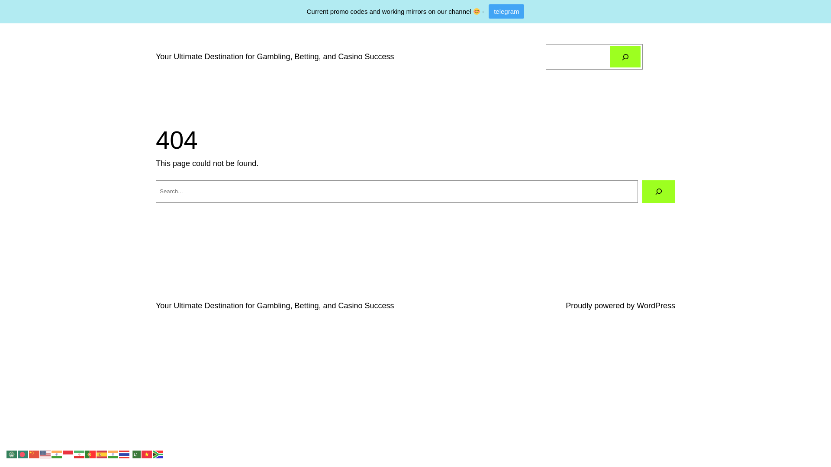 Image resolution: width=831 pixels, height=467 pixels. Describe the element at coordinates (45, 453) in the screenshot. I see `'English'` at that location.